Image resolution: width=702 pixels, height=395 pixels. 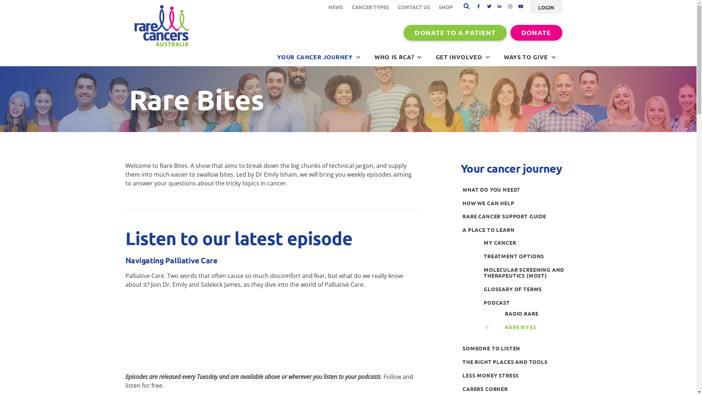 What do you see at coordinates (335, 7) in the screenshot?
I see `'NEWS'` at bounding box center [335, 7].